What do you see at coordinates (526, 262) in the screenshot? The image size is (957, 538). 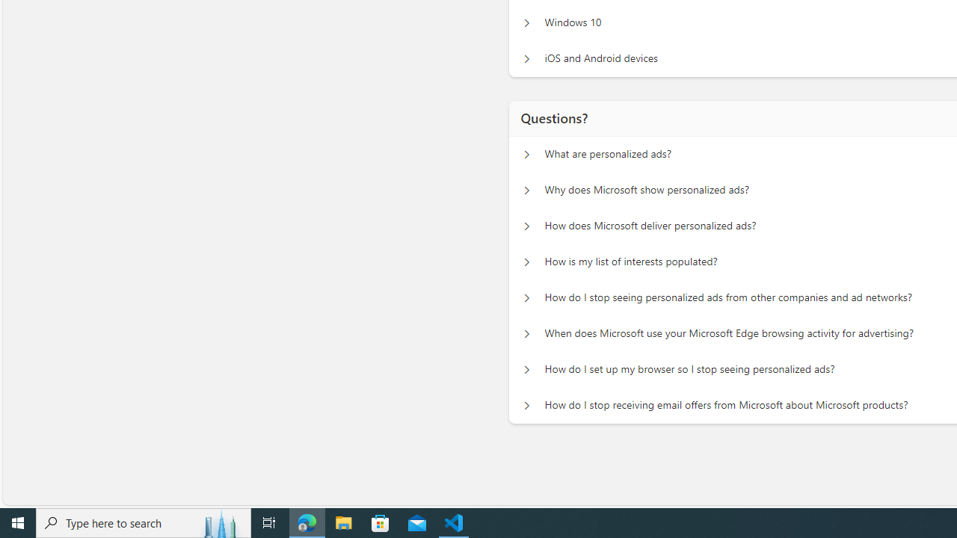 I see `'Questions? How is my list of interests populated?'` at bounding box center [526, 262].